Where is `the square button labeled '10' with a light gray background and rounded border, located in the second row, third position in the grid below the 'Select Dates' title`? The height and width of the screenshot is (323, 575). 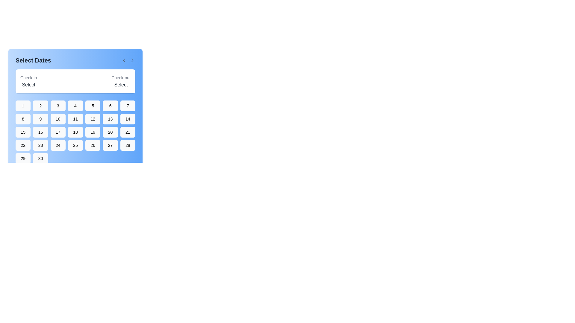 the square button labeled '10' with a light gray background and rounded border, located in the second row, third position in the grid below the 'Select Dates' title is located at coordinates (58, 119).